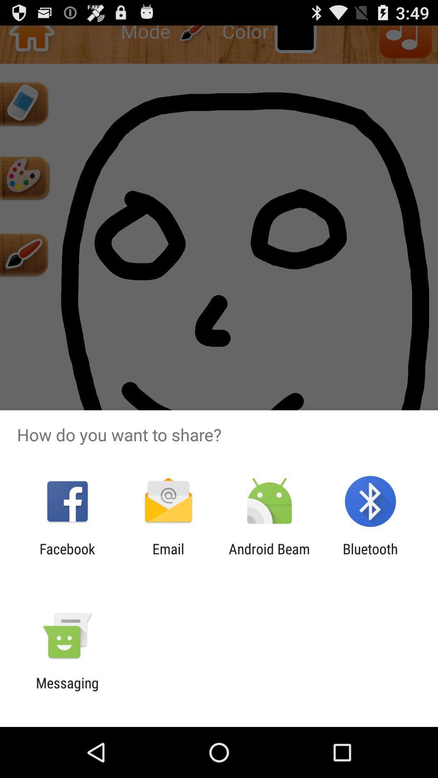 This screenshot has width=438, height=778. I want to click on the item to the right of the email, so click(269, 557).